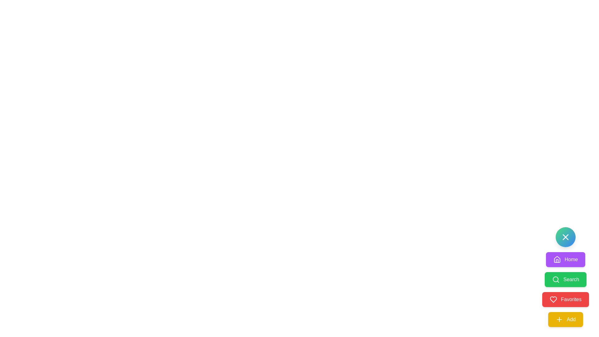  I want to click on the small yellow plus icon within the 'Add' button, which has a yellow background and white text labeled 'Add', located at the bottom of a vertical stack of buttons on the right side of the interface, so click(559, 319).